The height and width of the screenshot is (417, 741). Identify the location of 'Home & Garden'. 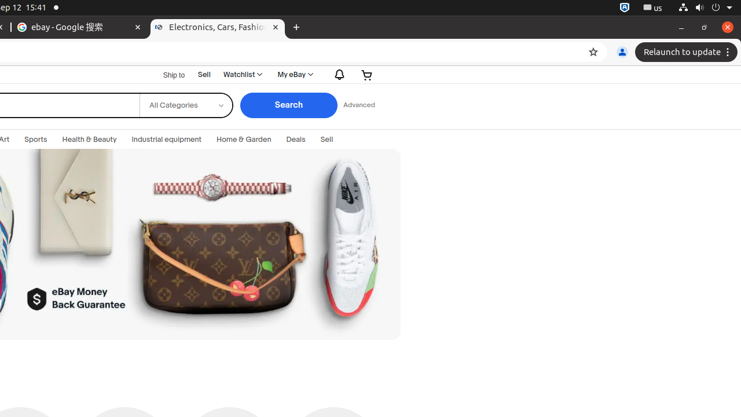
(243, 138).